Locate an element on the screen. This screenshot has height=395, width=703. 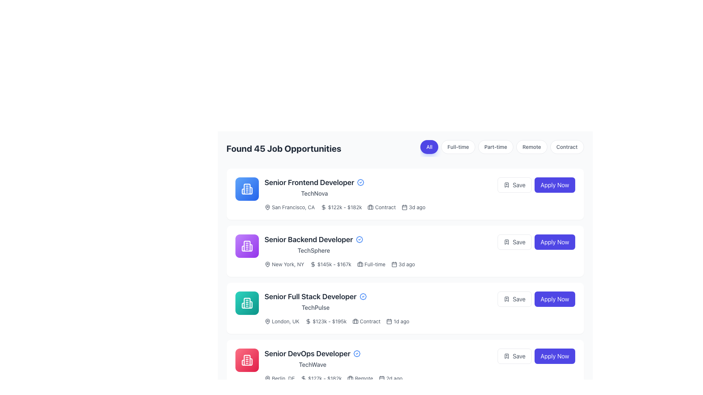
the bookmark icon with a plus symbol overlay, which is part of the 'Save' button next to the 'Senior Full Stack Developer' job listing is located at coordinates (506, 299).